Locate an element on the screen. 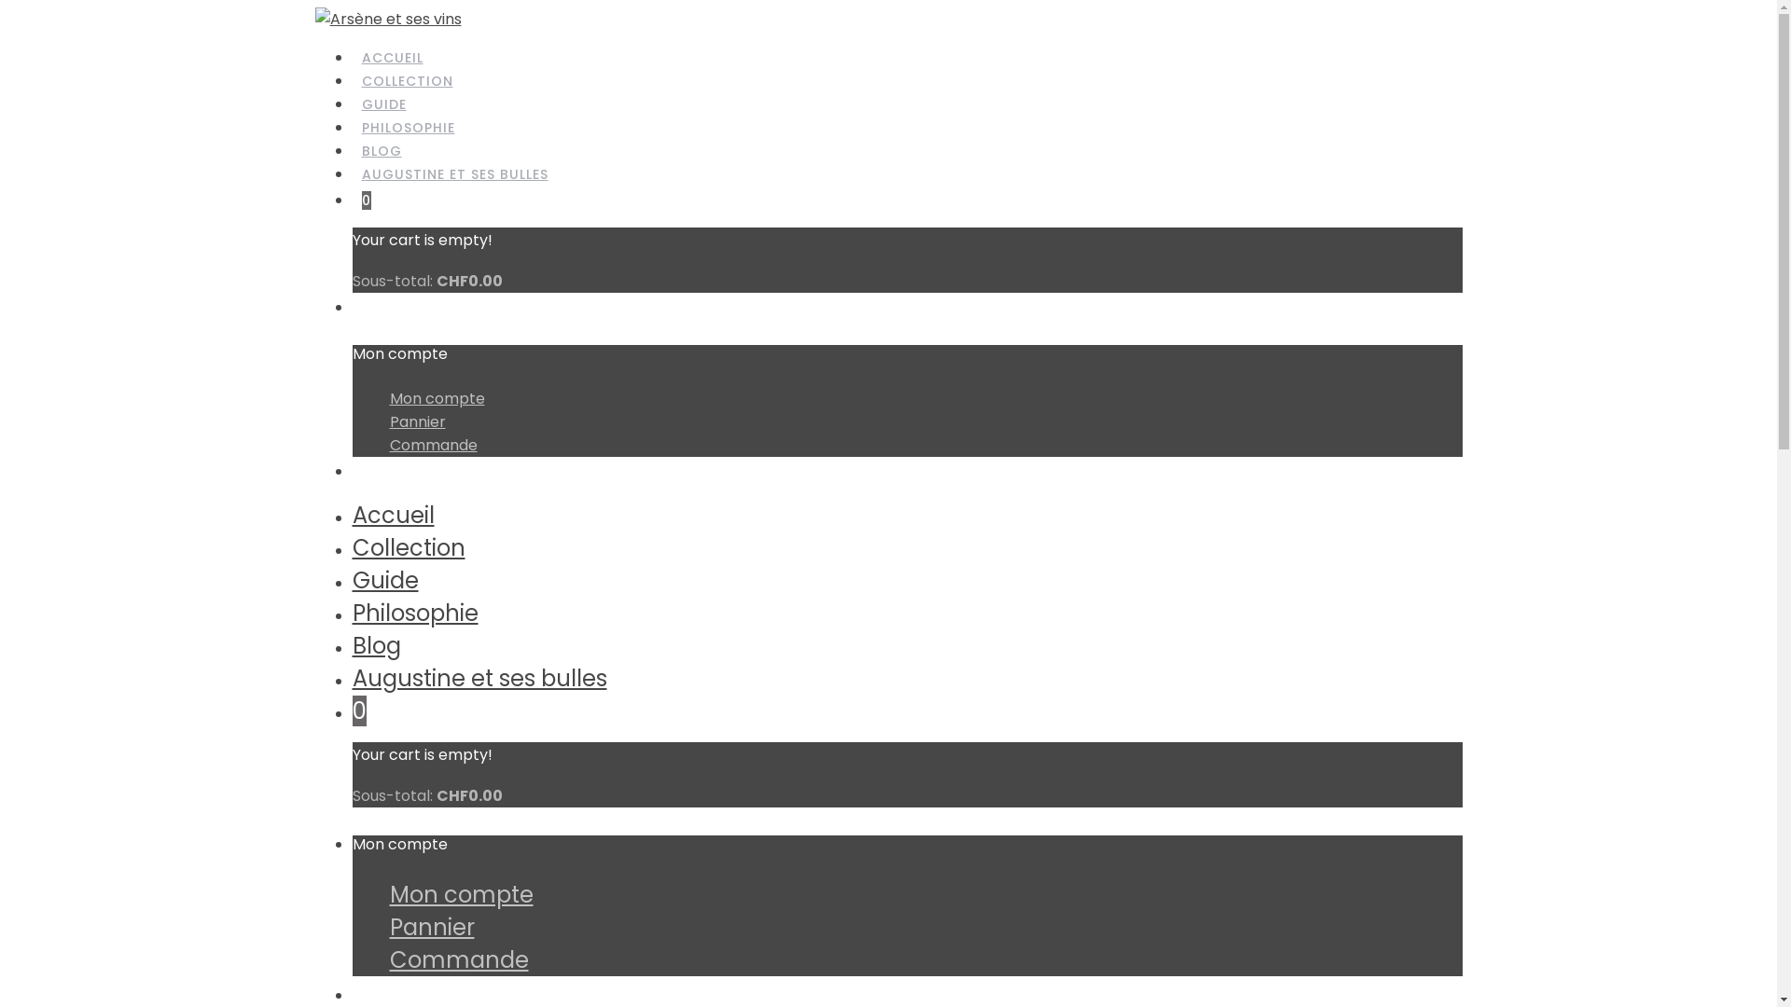 This screenshot has width=1791, height=1007. 'Mon compte' is located at coordinates (437, 397).